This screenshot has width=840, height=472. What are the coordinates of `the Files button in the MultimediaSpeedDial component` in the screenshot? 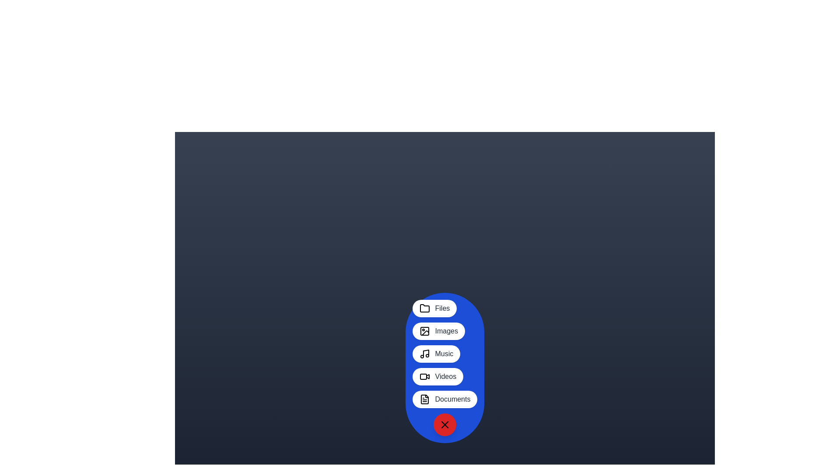 It's located at (434, 308).